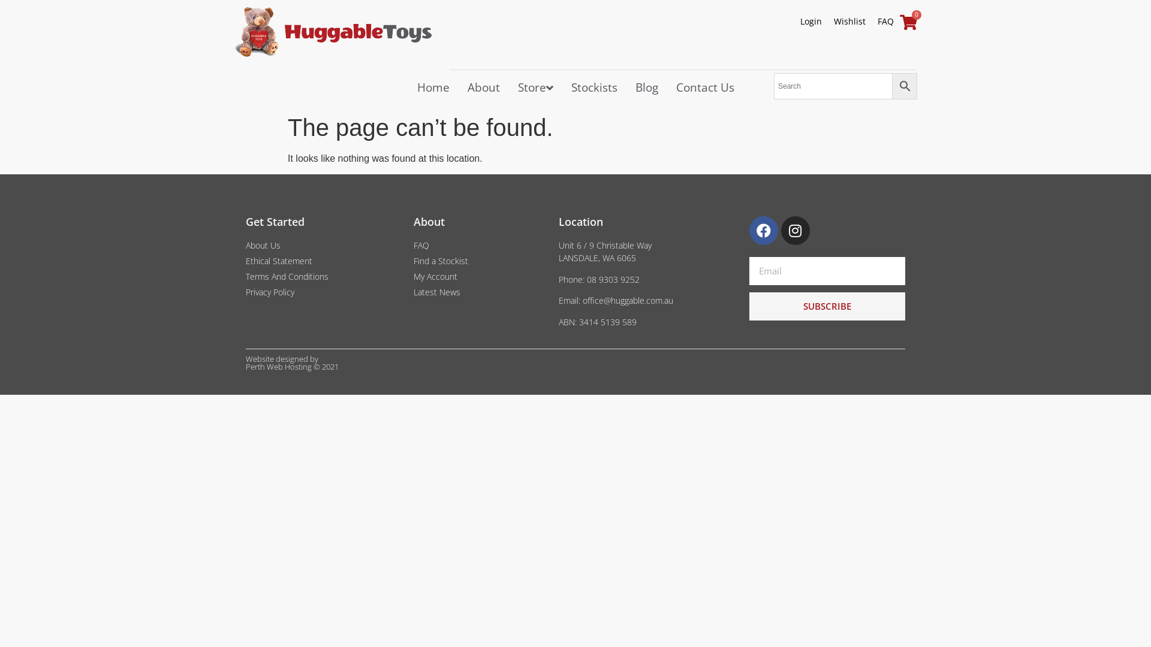 The image size is (1151, 647). Describe the element at coordinates (849, 21) in the screenshot. I see `'Wishlist'` at that location.